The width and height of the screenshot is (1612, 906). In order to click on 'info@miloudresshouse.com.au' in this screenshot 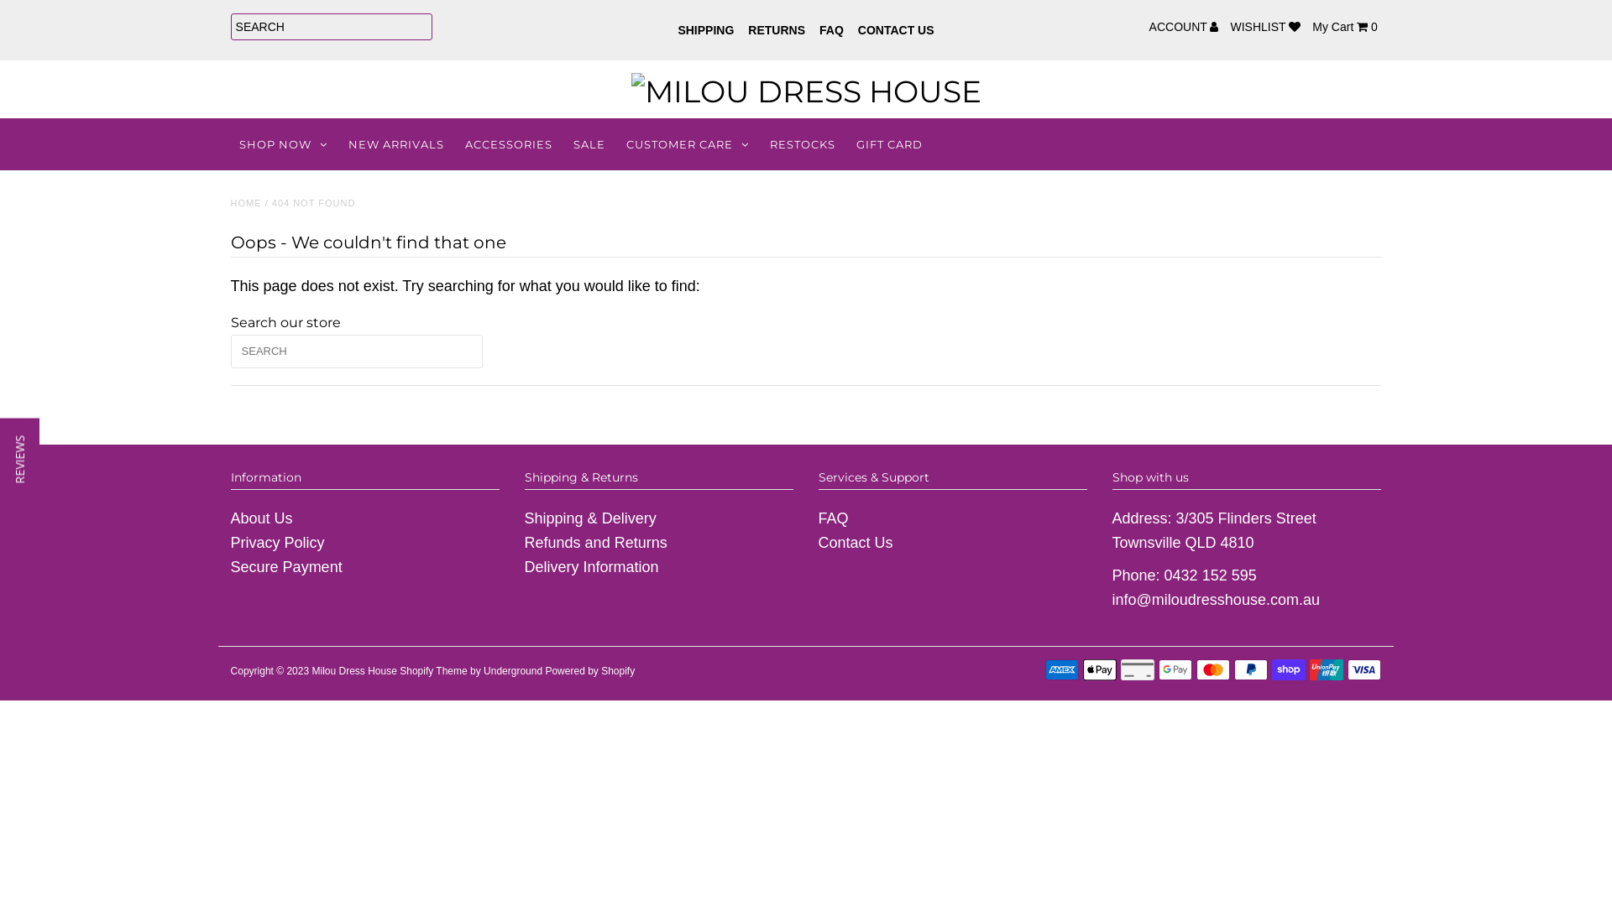, I will do `click(1112, 598)`.